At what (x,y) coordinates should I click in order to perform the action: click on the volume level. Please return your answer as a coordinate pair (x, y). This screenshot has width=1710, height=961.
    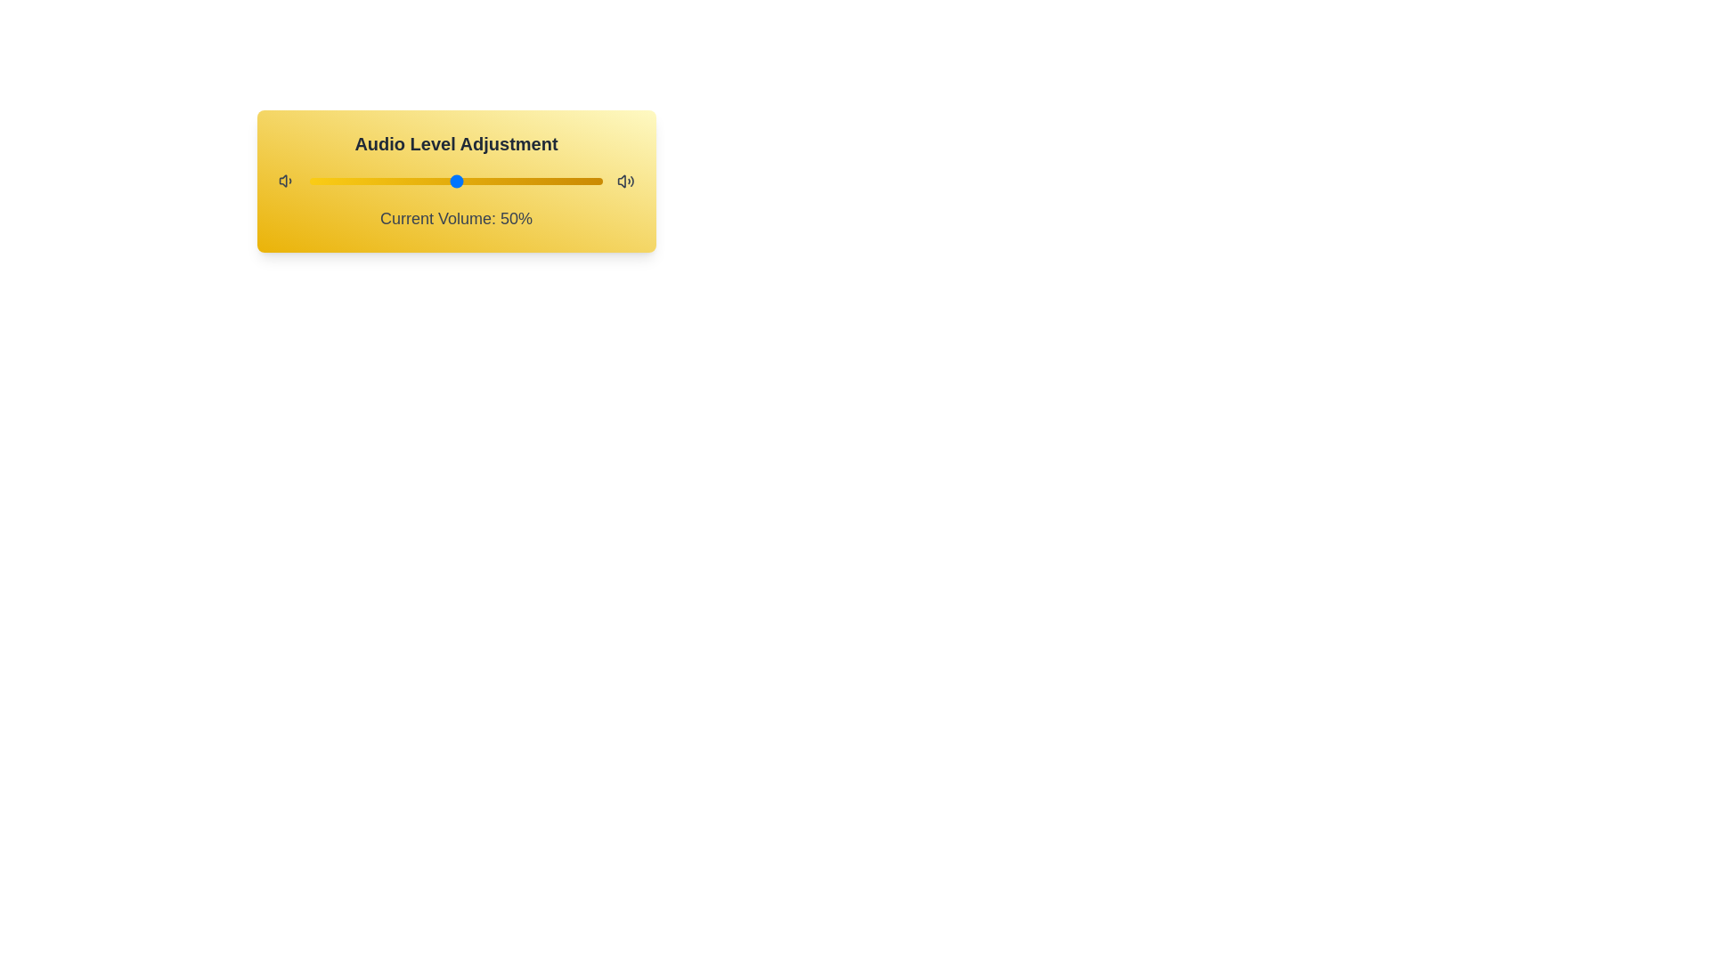
    Looking at the image, I should click on (582, 182).